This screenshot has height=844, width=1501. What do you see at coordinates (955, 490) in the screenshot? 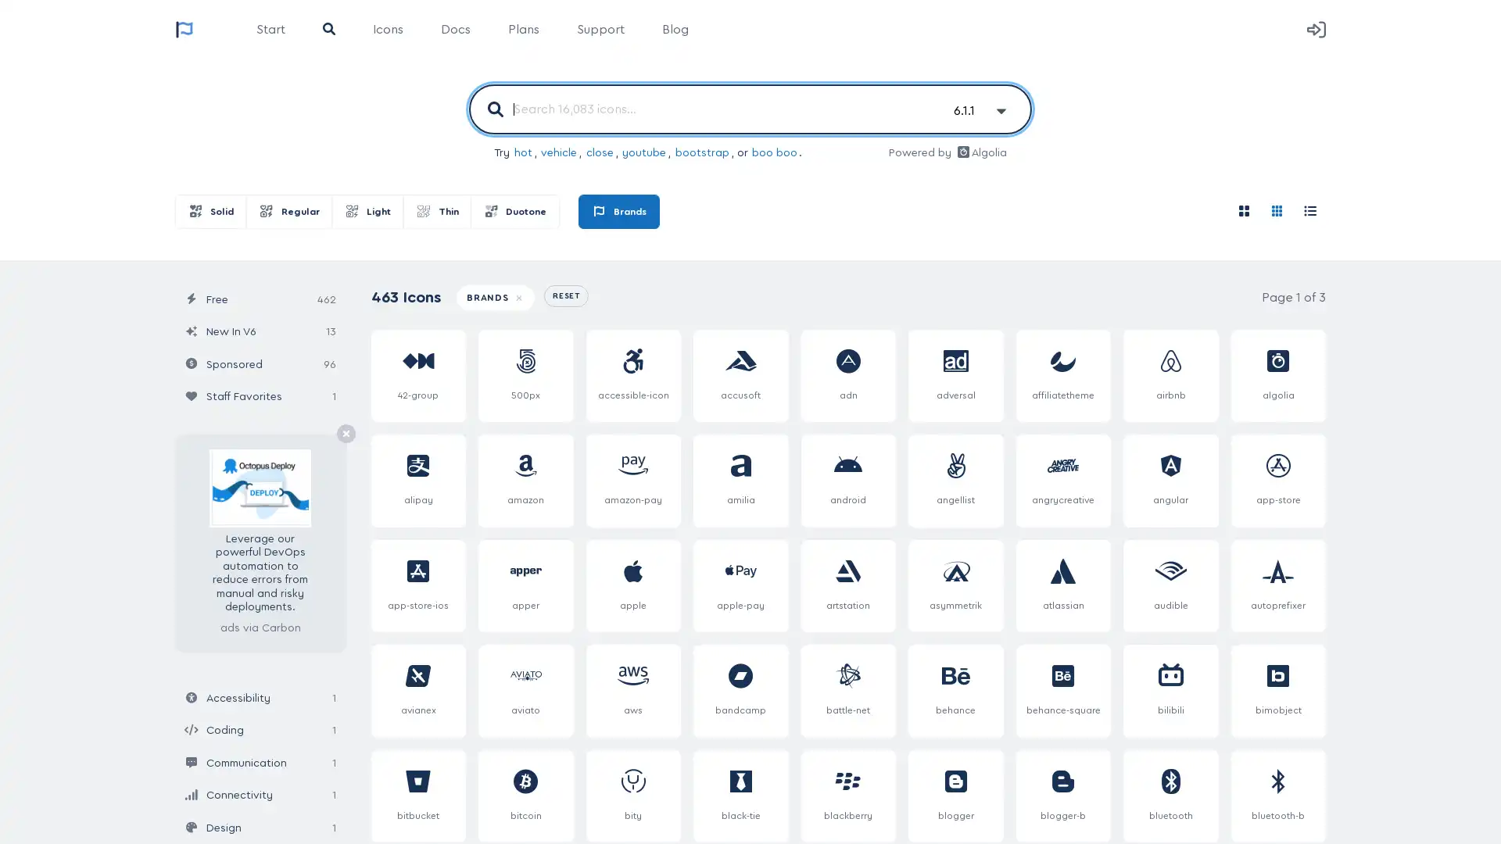
I see `angellist` at bounding box center [955, 490].